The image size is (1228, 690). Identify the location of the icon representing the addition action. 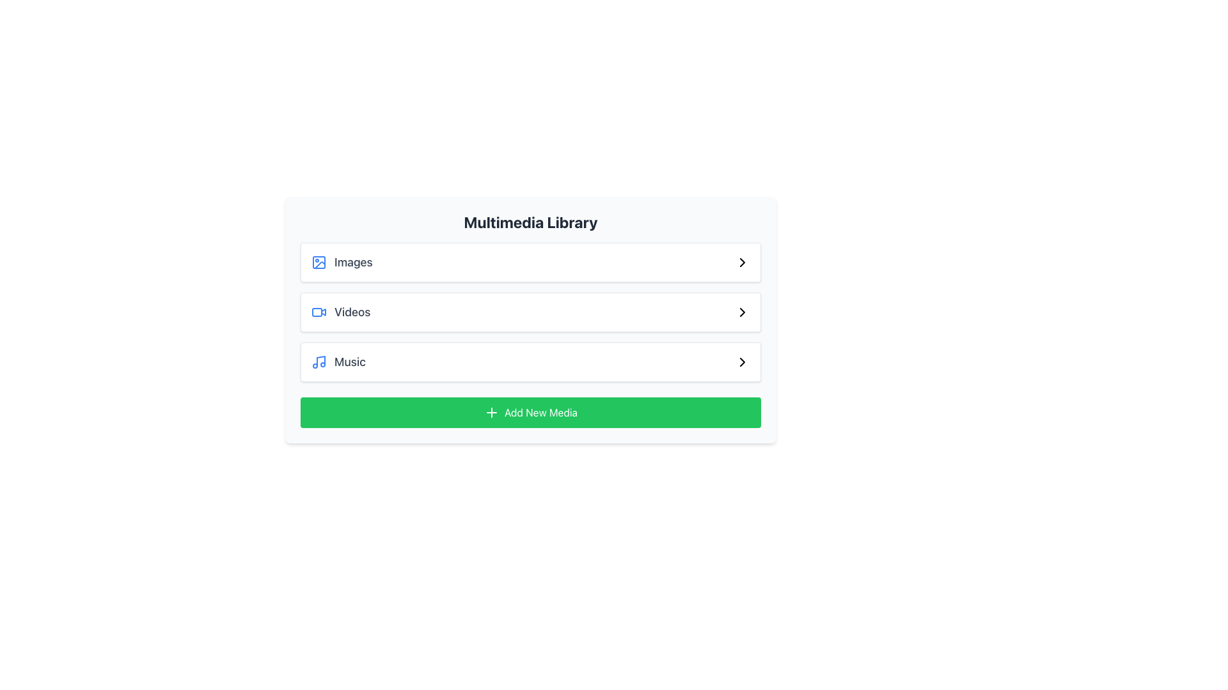
(491, 412).